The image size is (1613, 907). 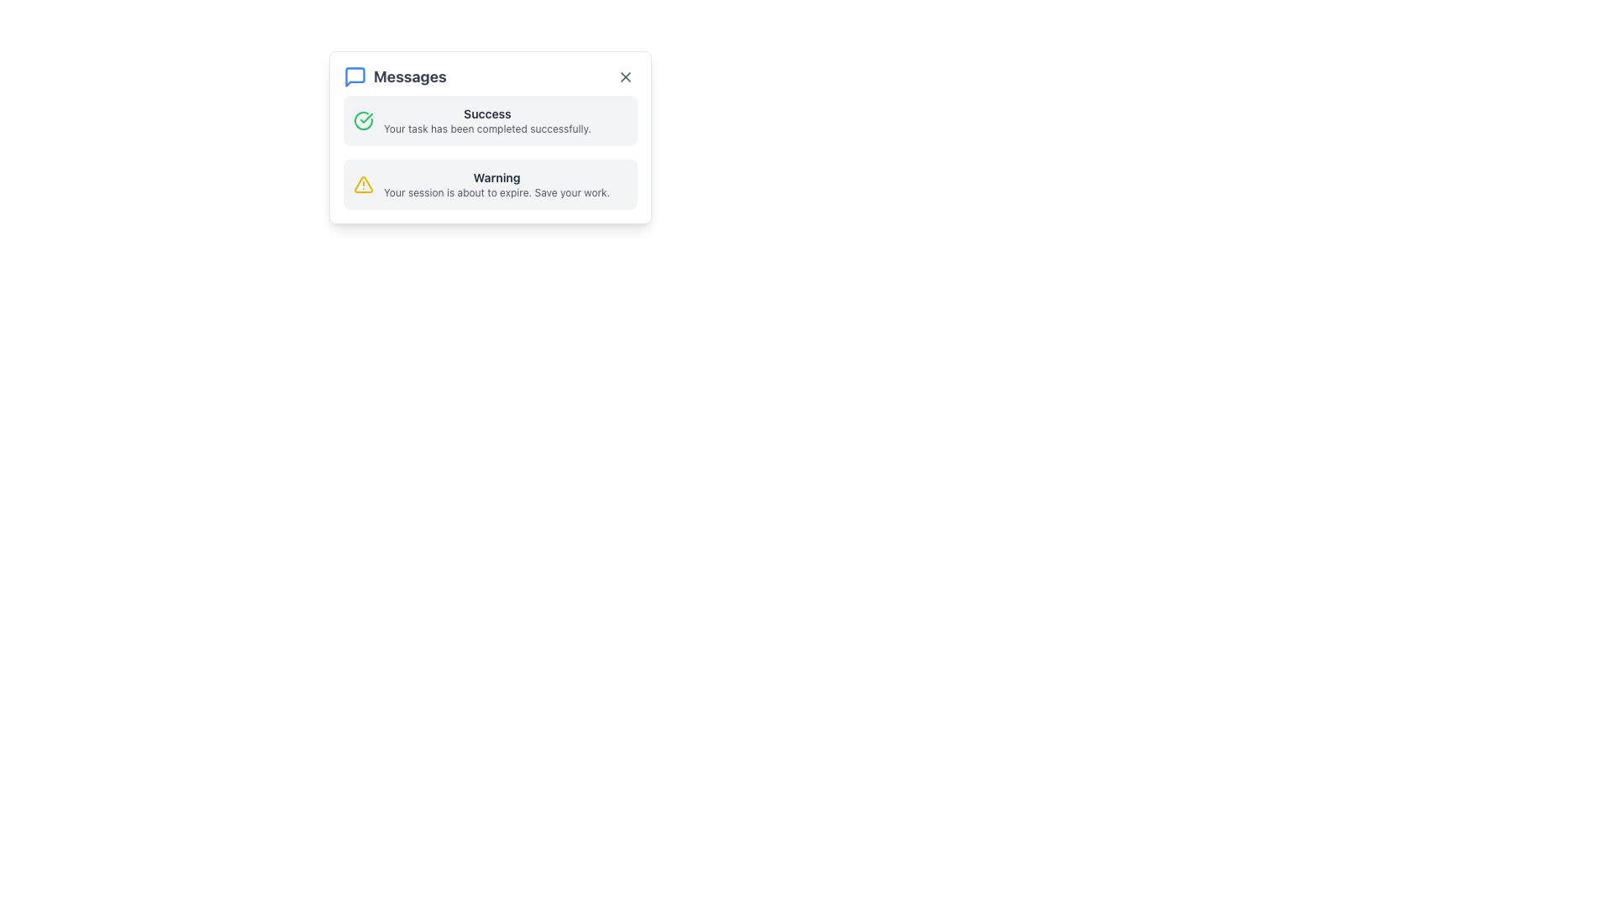 What do you see at coordinates (486, 128) in the screenshot?
I see `the text label that provides clarification and detail about the successful completion of a task, located within the 'Success' message block of the notification panel` at bounding box center [486, 128].